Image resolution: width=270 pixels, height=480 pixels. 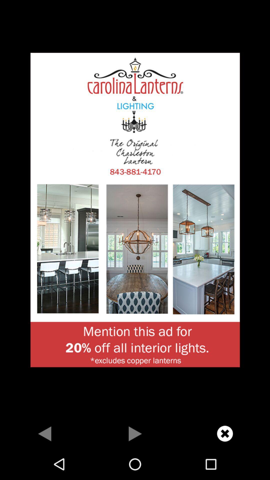 What do you see at coordinates (45, 464) in the screenshot?
I see `the arrow_backward icon` at bounding box center [45, 464].